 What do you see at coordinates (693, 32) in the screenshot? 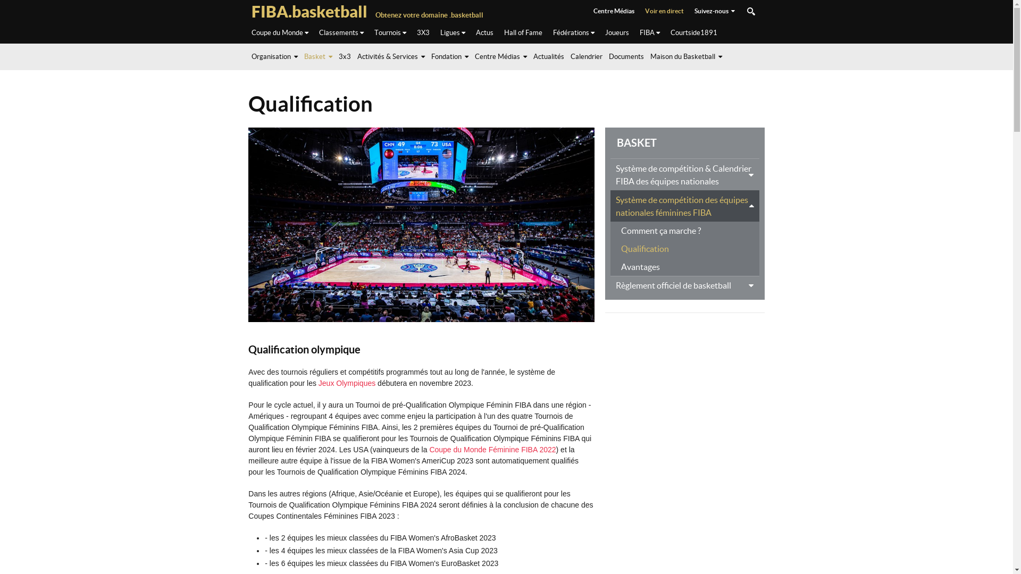
I see `'Courtside1891'` at bounding box center [693, 32].